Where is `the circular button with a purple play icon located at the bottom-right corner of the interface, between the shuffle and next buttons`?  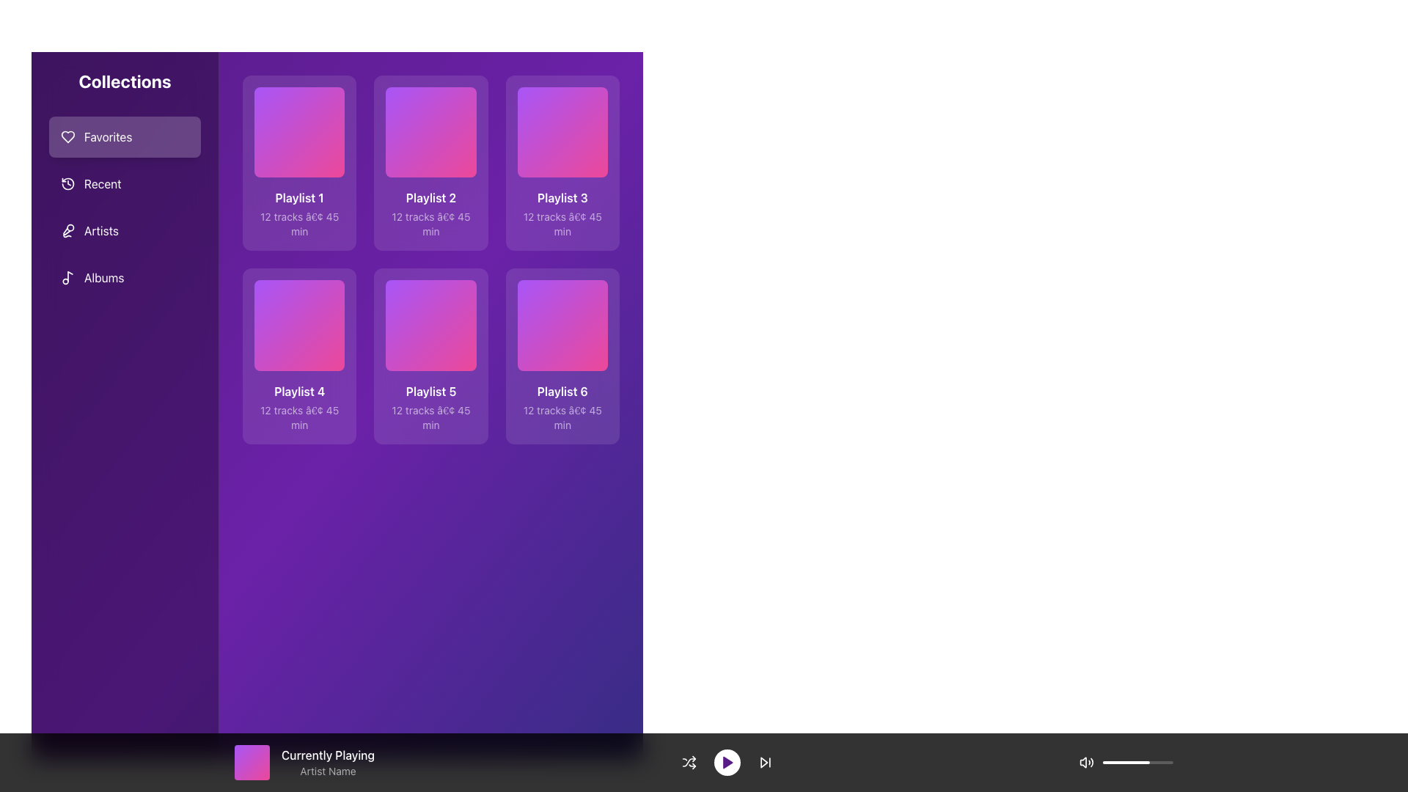
the circular button with a purple play icon located at the bottom-right corner of the interface, between the shuffle and next buttons is located at coordinates (727, 762).